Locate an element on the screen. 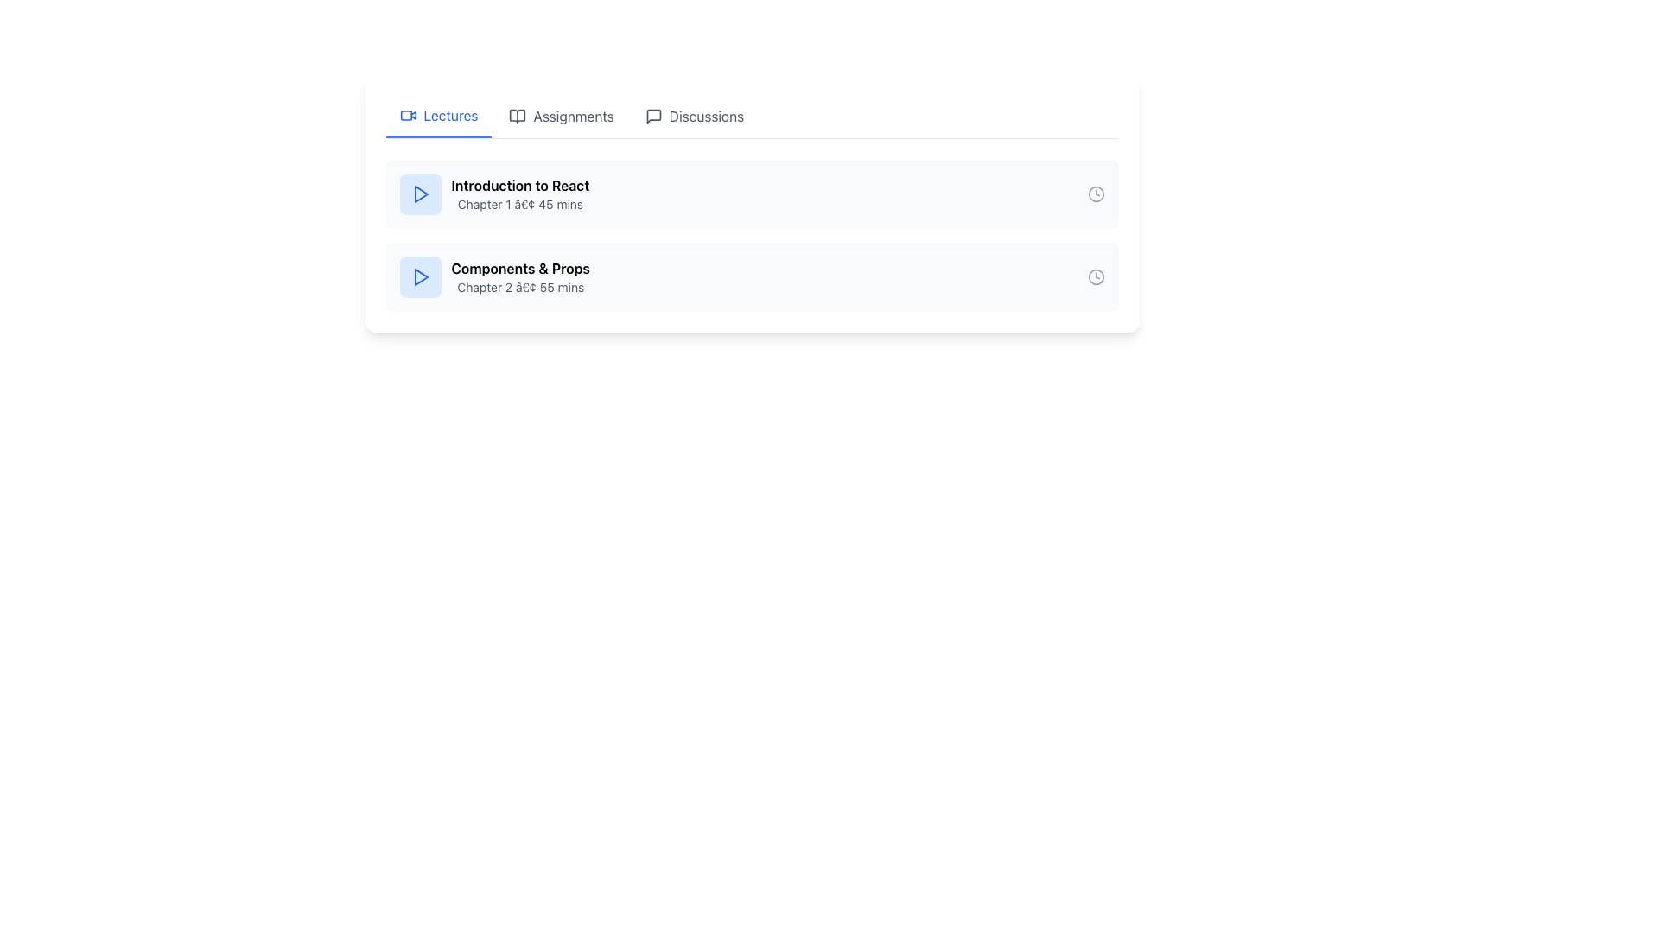 This screenshot has width=1659, height=933. the 'Discussions' button, which is a rectangular button with a speech bubble icon and gray font, located in the horizontal navigation bar as the third item is located at coordinates (694, 117).